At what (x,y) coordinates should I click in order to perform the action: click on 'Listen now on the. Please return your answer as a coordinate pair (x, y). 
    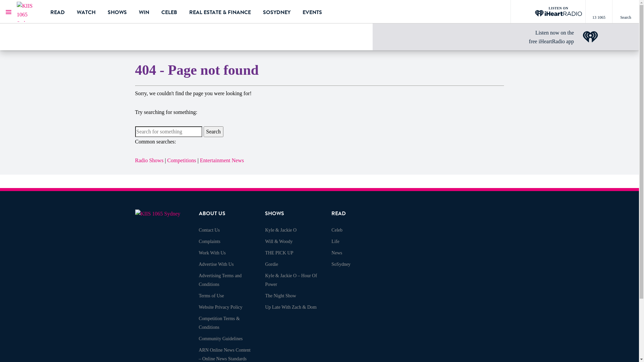
    Looking at the image, I should click on (551, 37).